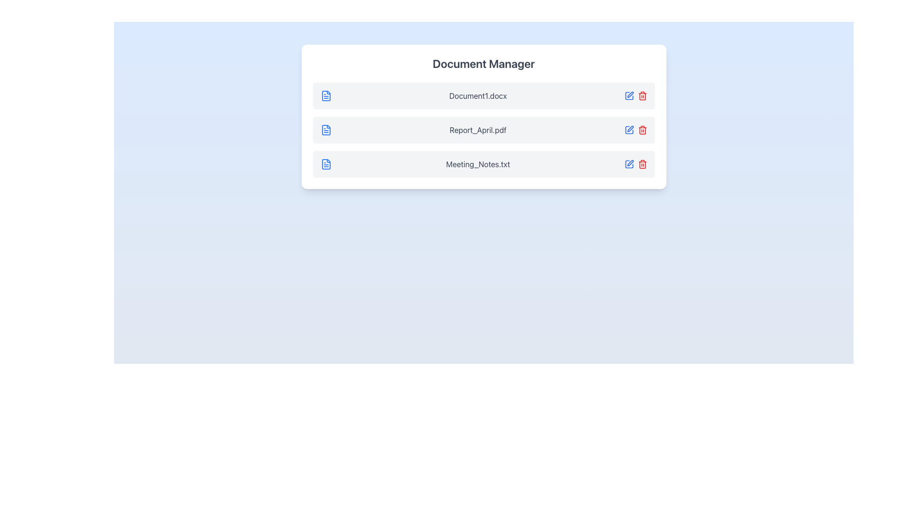 This screenshot has width=912, height=513. Describe the element at coordinates (629, 164) in the screenshot. I see `the 'edit' action icon for the file 'Meeting_Notes.txt' located in the Document Manager interface` at that location.